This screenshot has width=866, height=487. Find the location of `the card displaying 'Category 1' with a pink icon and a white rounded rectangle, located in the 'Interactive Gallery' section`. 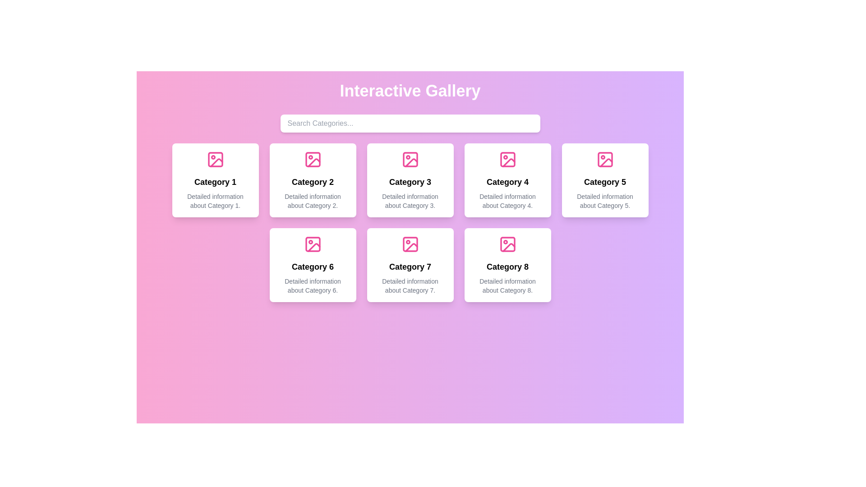

the card displaying 'Category 1' with a pink icon and a white rounded rectangle, located in the 'Interactive Gallery' section is located at coordinates (215, 180).